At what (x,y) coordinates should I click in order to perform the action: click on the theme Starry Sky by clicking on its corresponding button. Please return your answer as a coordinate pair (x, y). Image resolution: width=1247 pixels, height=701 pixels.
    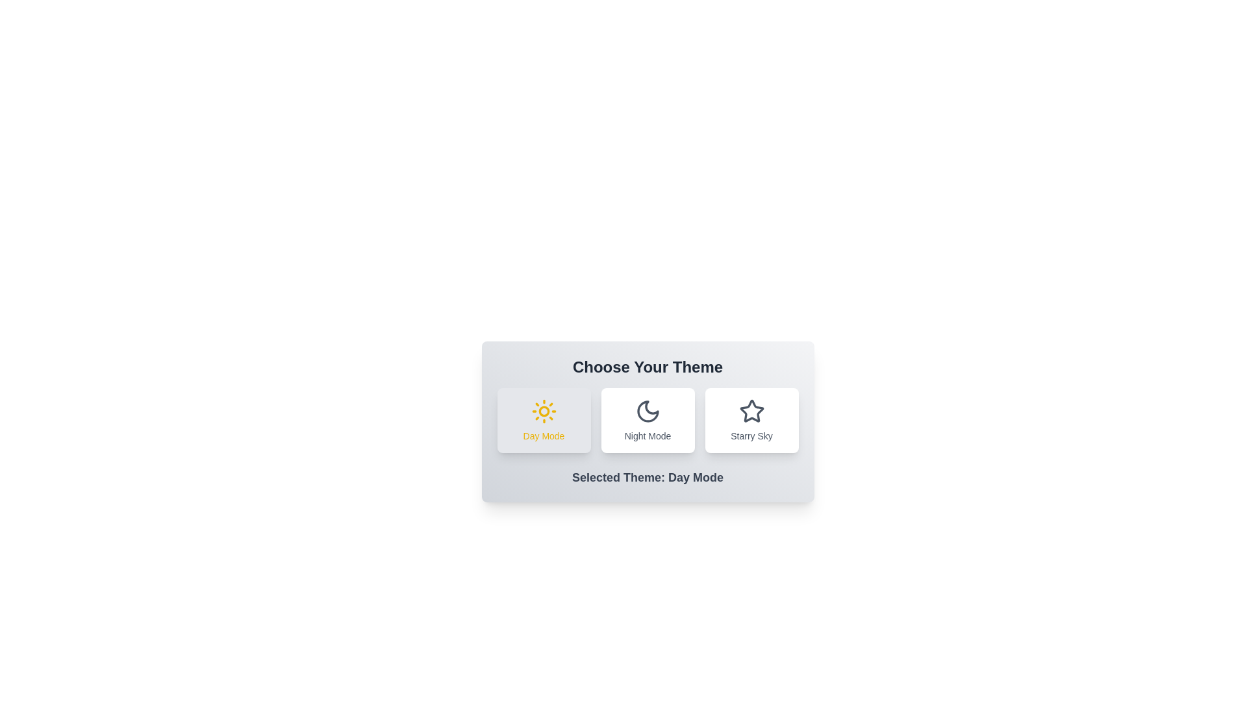
    Looking at the image, I should click on (751, 421).